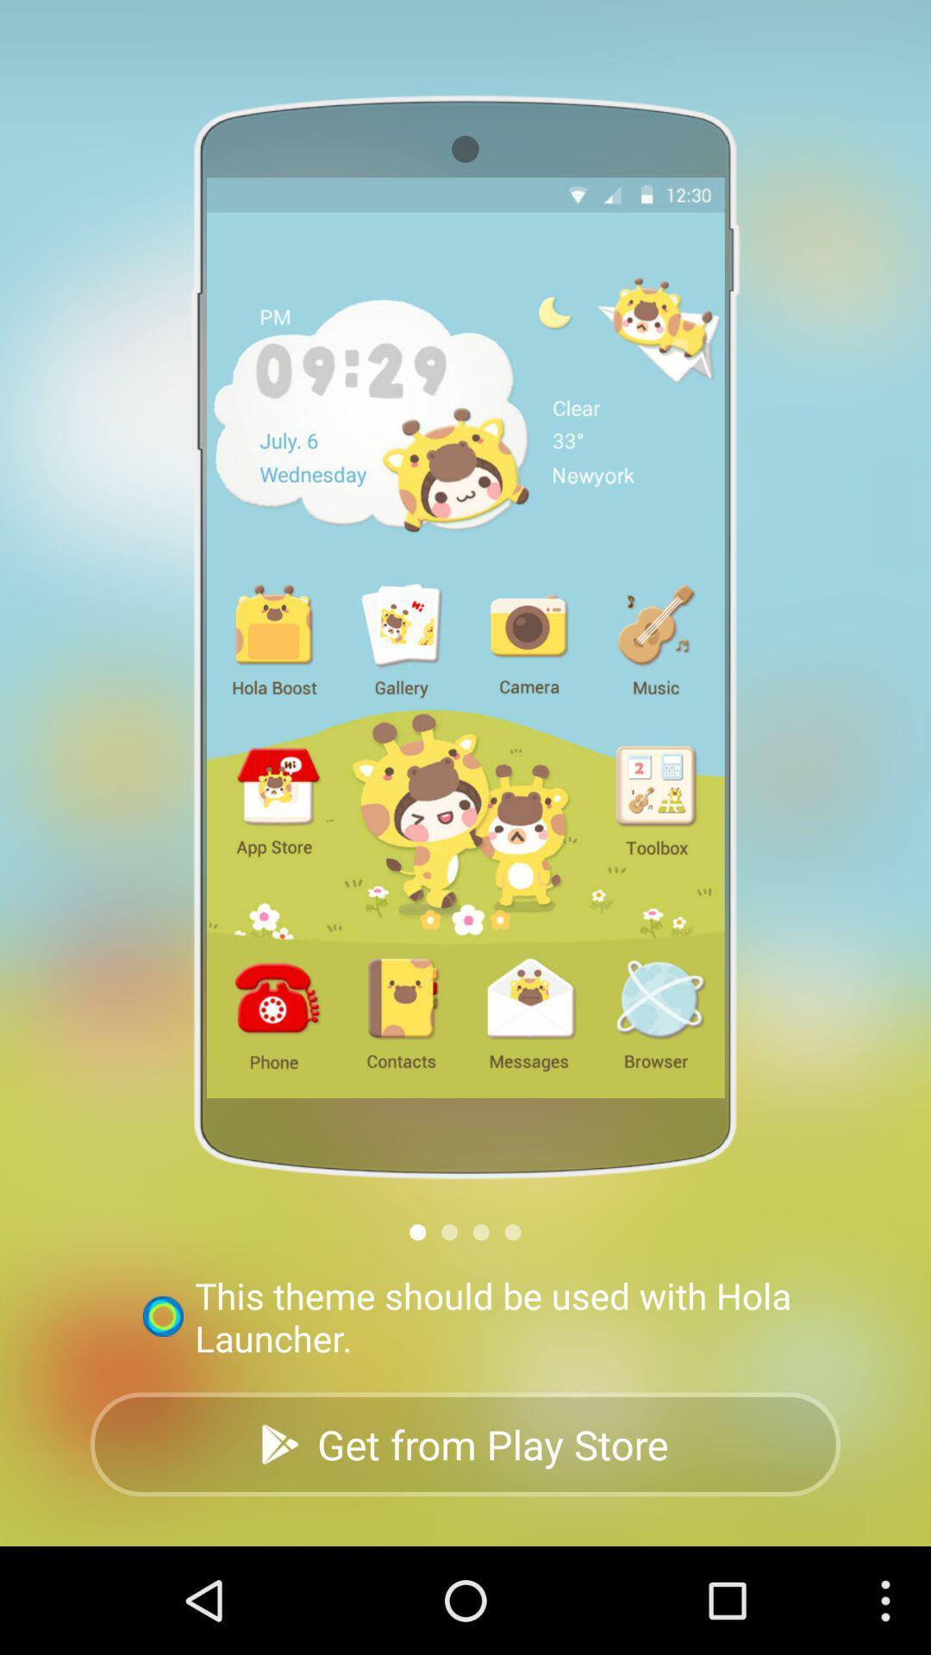  What do you see at coordinates (417, 1231) in the screenshot?
I see `change page` at bounding box center [417, 1231].